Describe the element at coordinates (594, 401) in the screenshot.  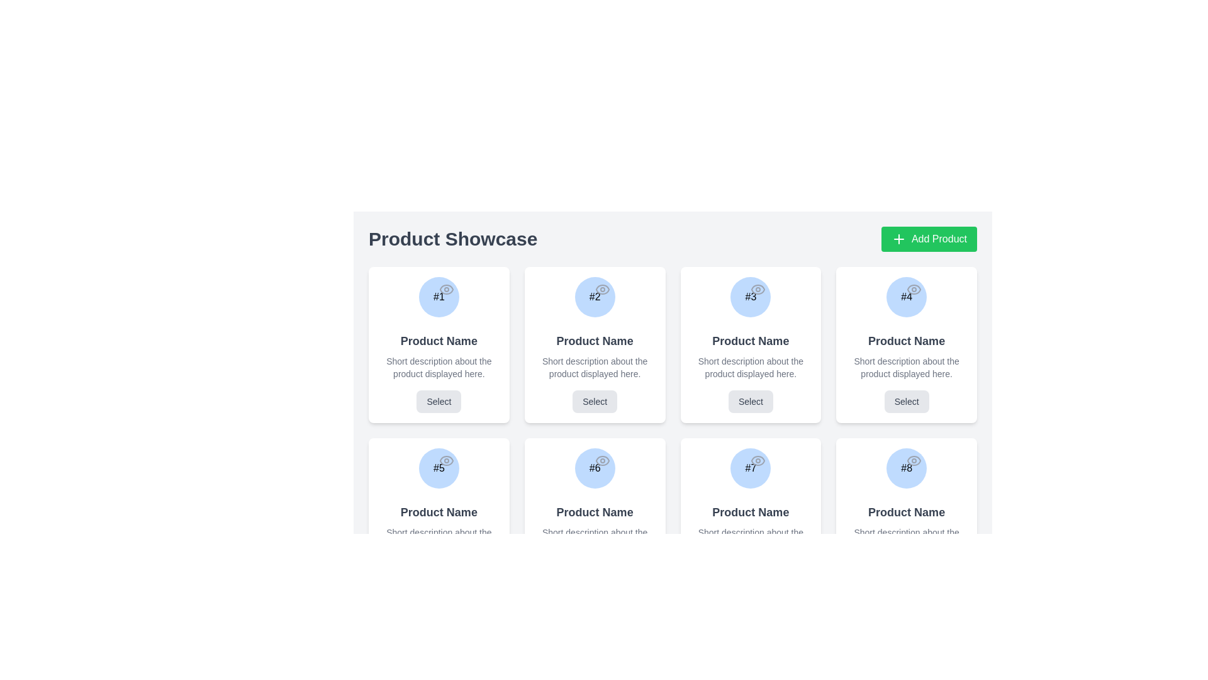
I see `the 'Select' button, which is a rectangular button with a light gray background and rounded corners, located in the second product card below the descriptive text` at that location.